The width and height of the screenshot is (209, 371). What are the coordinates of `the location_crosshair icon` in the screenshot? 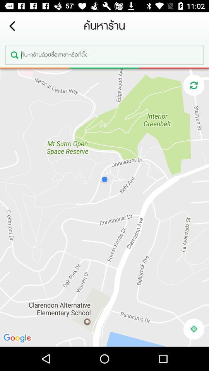 It's located at (193, 328).